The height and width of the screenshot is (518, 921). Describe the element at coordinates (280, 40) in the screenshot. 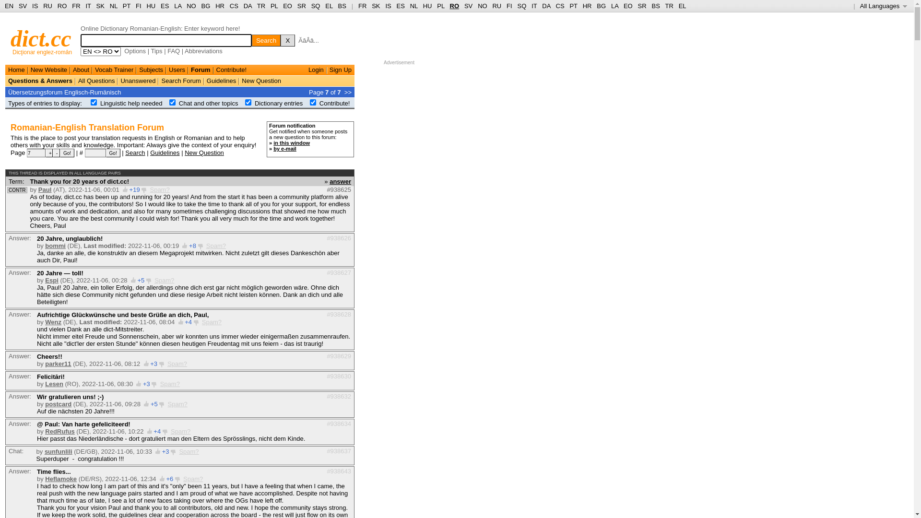

I see `'X'` at that location.